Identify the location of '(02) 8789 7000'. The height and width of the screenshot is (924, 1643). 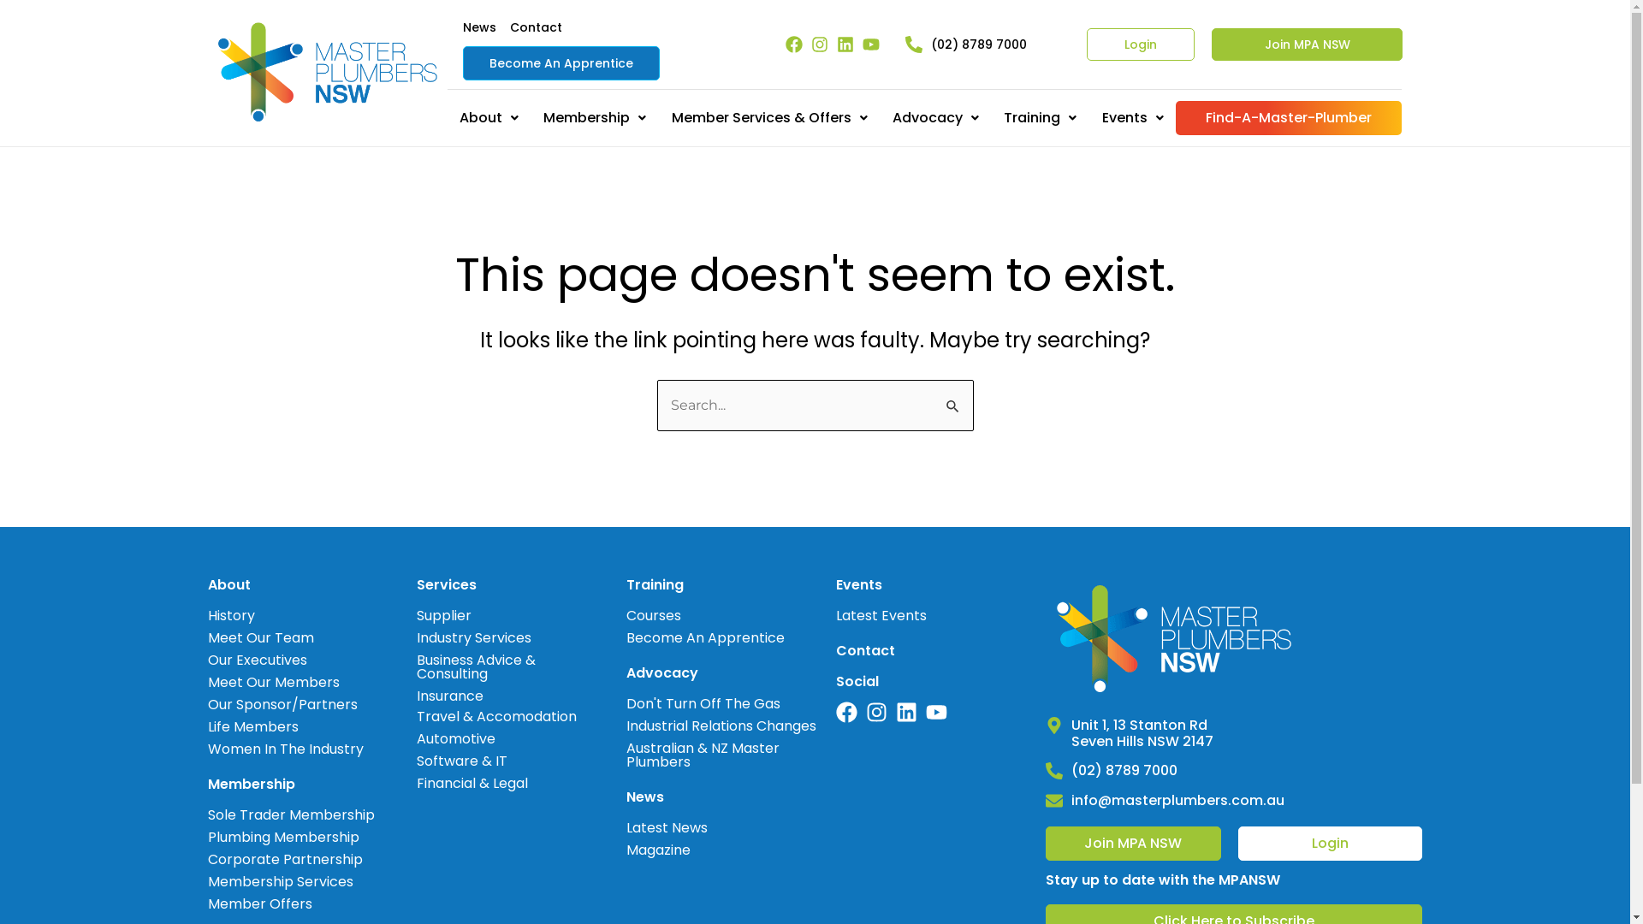
(1124, 770).